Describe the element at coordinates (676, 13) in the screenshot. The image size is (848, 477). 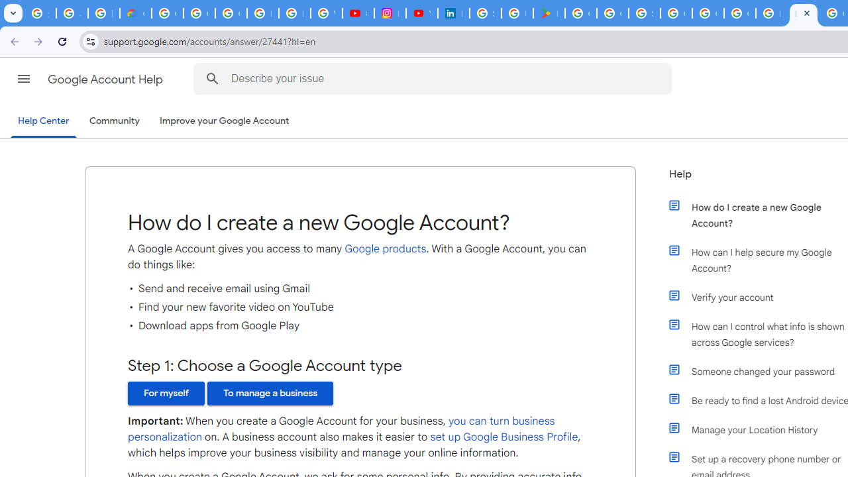
I see `'Google Cloud Platform'` at that location.